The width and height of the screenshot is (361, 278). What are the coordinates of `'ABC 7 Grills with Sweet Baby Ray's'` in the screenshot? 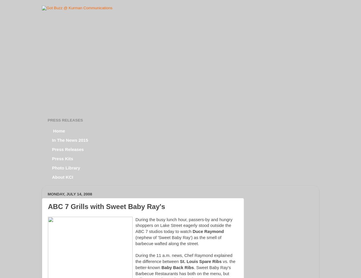 It's located at (106, 206).